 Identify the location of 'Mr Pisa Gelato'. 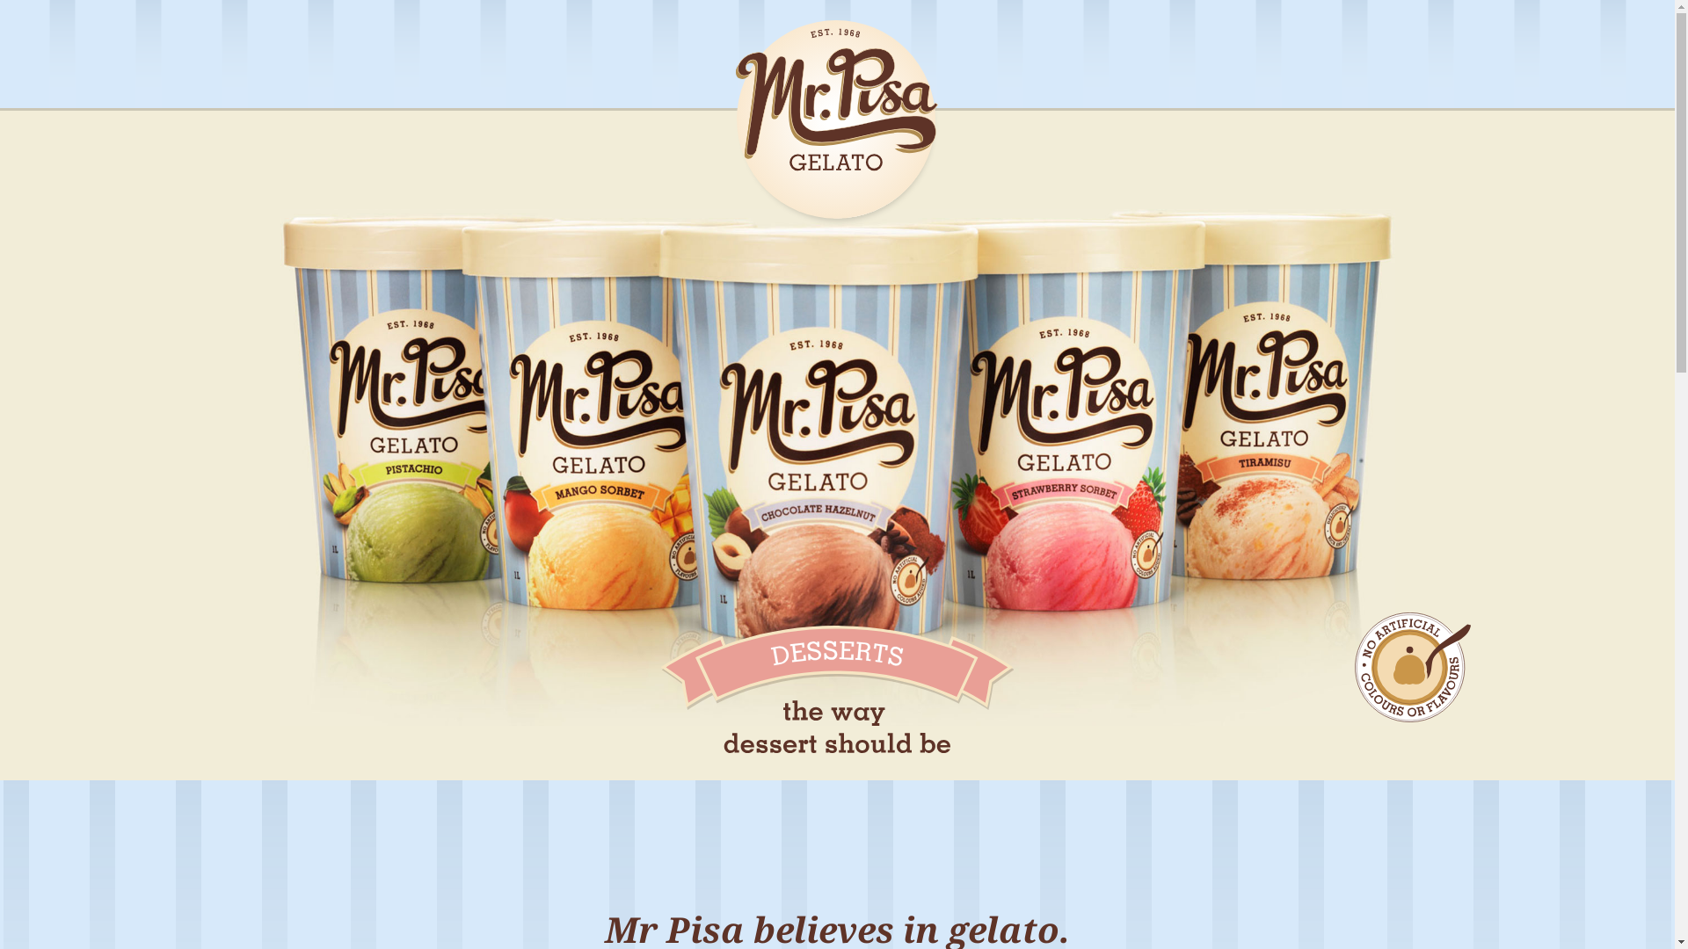
(837, 123).